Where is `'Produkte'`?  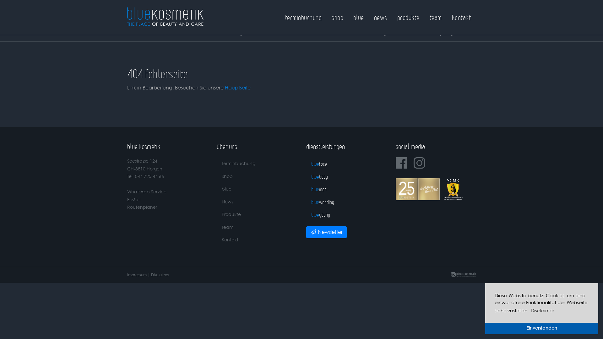 'Produkte' is located at coordinates (257, 214).